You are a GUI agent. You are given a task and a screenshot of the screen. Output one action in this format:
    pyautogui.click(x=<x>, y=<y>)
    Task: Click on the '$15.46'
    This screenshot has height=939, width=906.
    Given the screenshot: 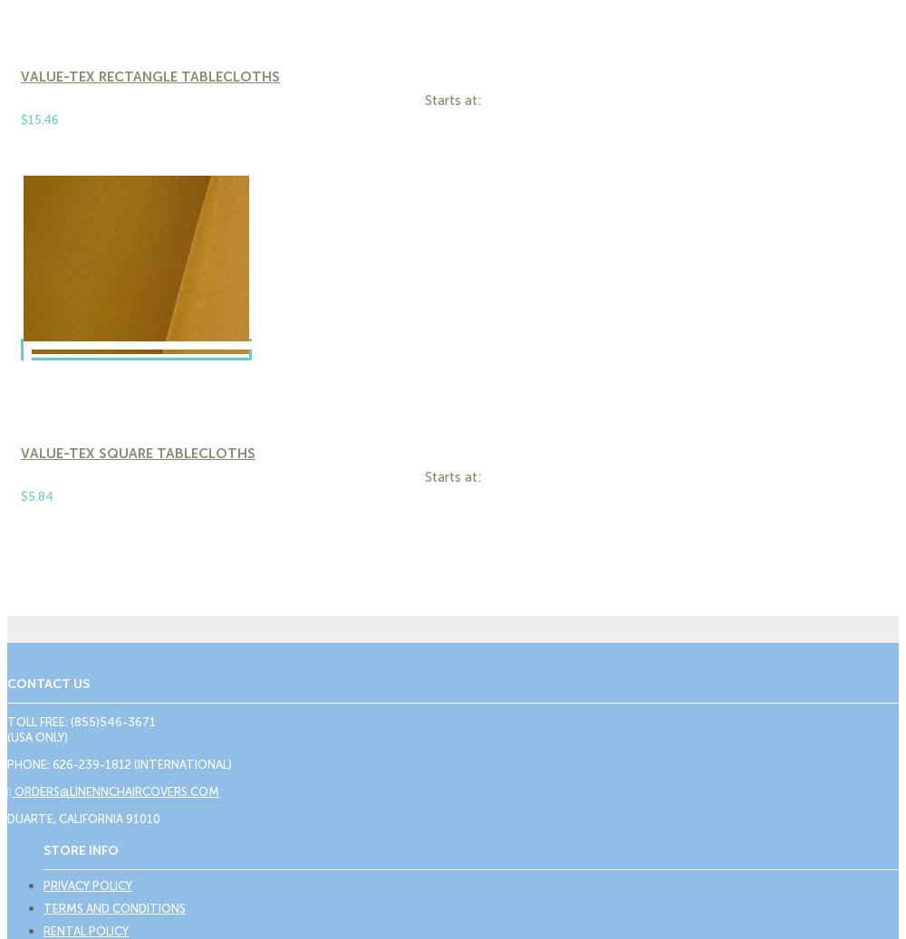 What is the action you would take?
    pyautogui.click(x=40, y=119)
    